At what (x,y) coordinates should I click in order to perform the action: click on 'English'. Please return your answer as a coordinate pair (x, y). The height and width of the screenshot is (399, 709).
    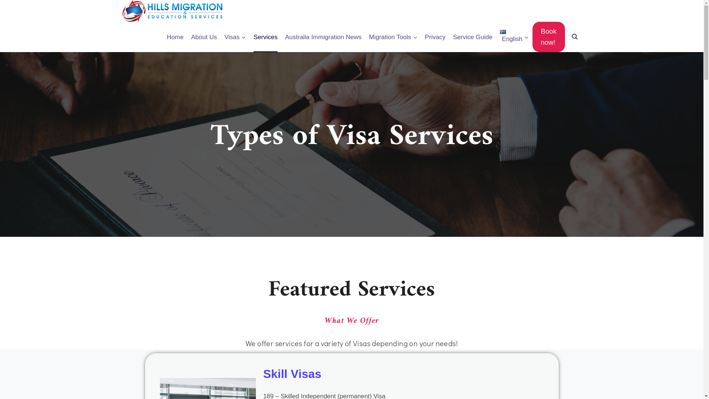
    Looking at the image, I should click on (514, 37).